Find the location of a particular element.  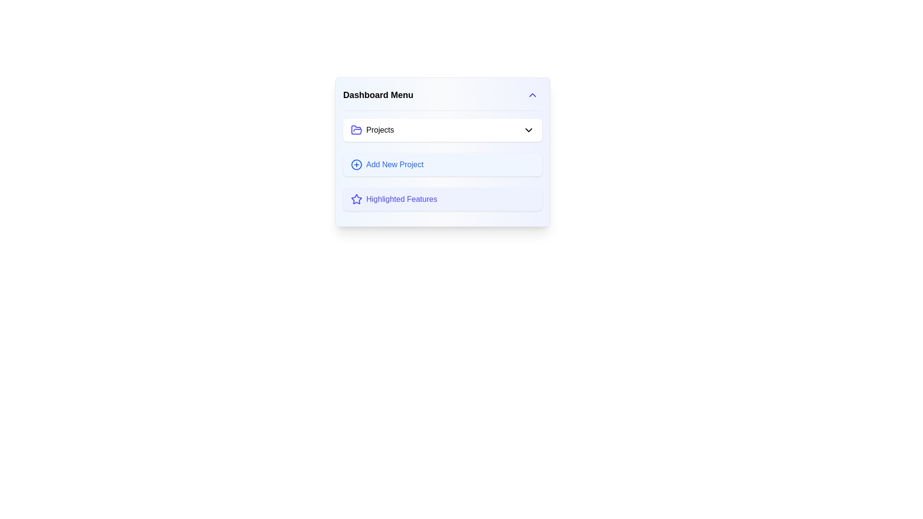

the gray folder icon located to the left of the 'Projects' label in the 'Dashboard Menu' is located at coordinates (356, 130).